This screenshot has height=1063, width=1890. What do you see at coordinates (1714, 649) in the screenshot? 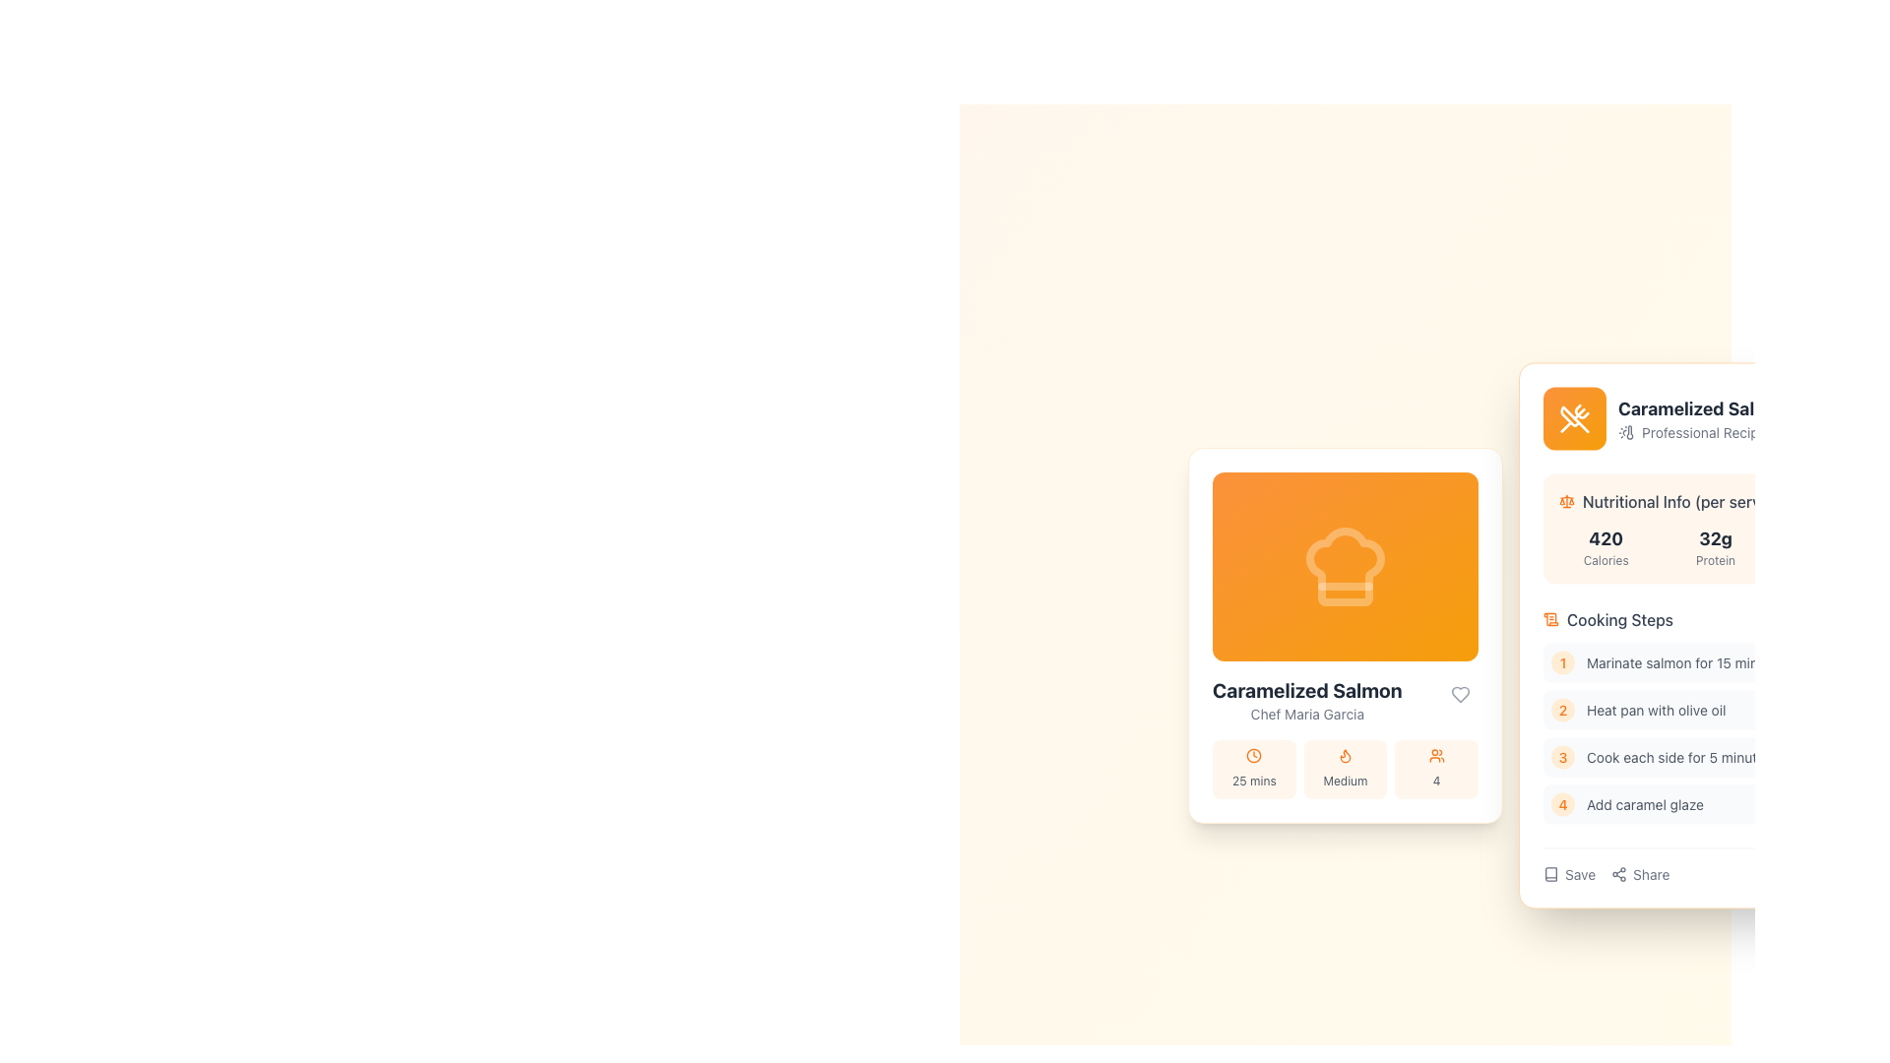
I see `the Instructional List for preparing caramelized salmon, which is located in the detailed card titled 'Caramelized Salmon', below the 'Nutritional Info' section and above the 'Save' and 'Share' options` at bounding box center [1714, 649].